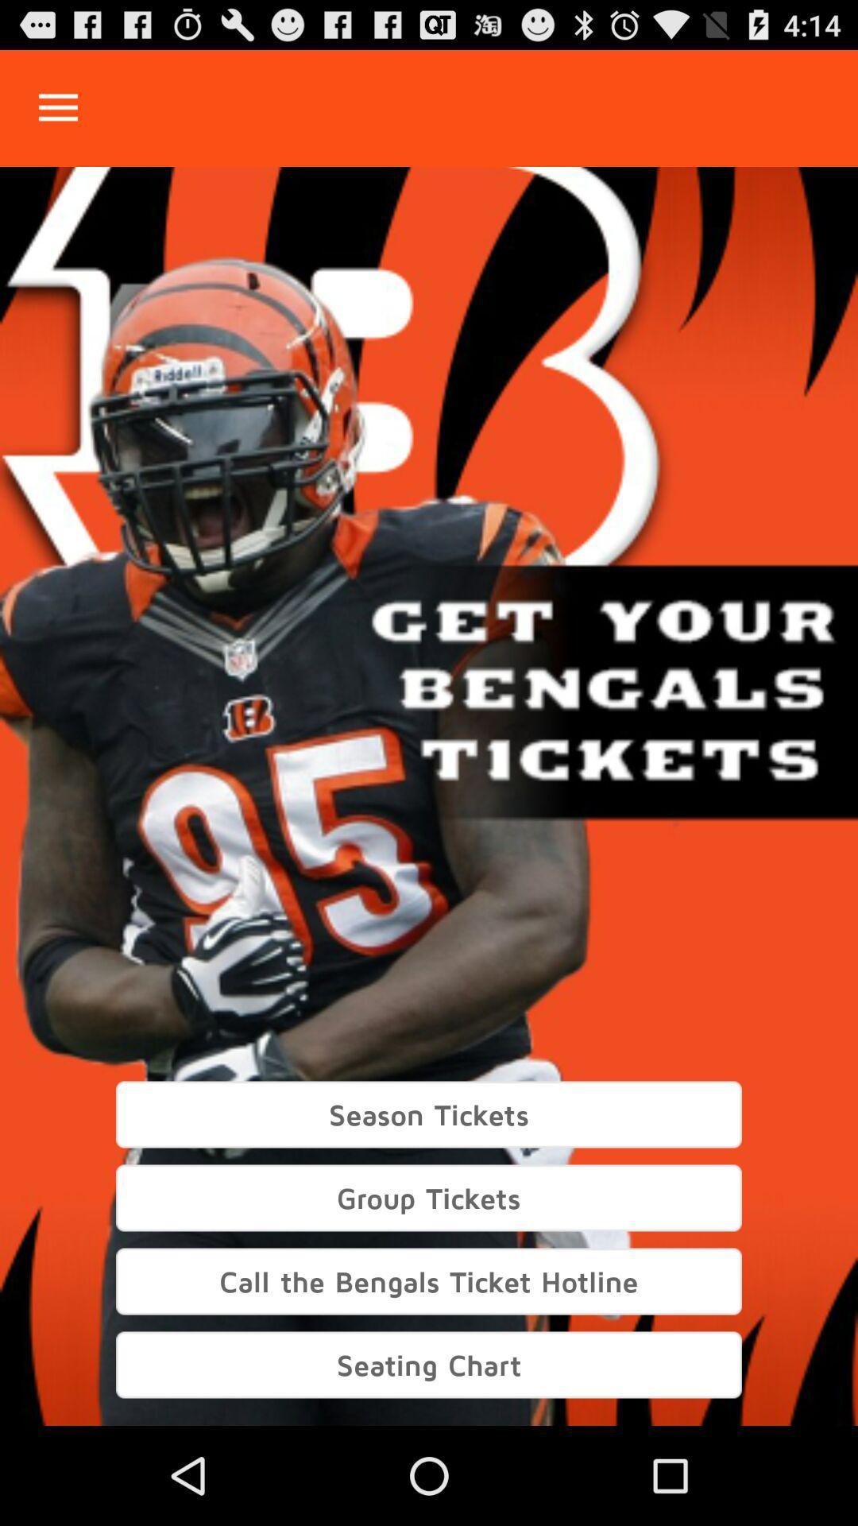 This screenshot has width=858, height=1526. Describe the element at coordinates (57, 107) in the screenshot. I see `open drop down menu` at that location.